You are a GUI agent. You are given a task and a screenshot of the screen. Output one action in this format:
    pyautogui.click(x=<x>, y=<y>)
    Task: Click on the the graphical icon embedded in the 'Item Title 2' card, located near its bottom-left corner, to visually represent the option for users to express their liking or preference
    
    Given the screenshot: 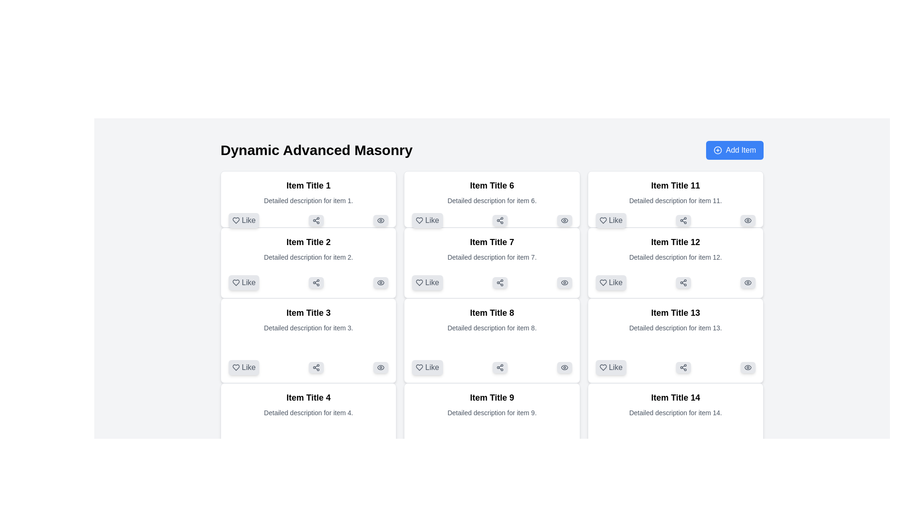 What is the action you would take?
    pyautogui.click(x=236, y=282)
    